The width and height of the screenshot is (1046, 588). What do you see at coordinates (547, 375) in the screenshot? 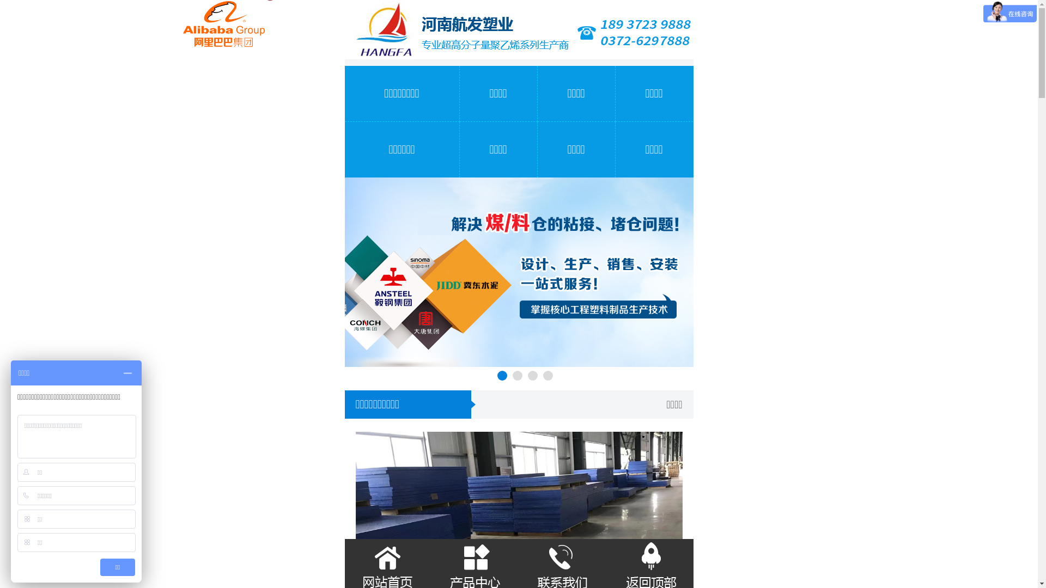
I see `'4'` at bounding box center [547, 375].